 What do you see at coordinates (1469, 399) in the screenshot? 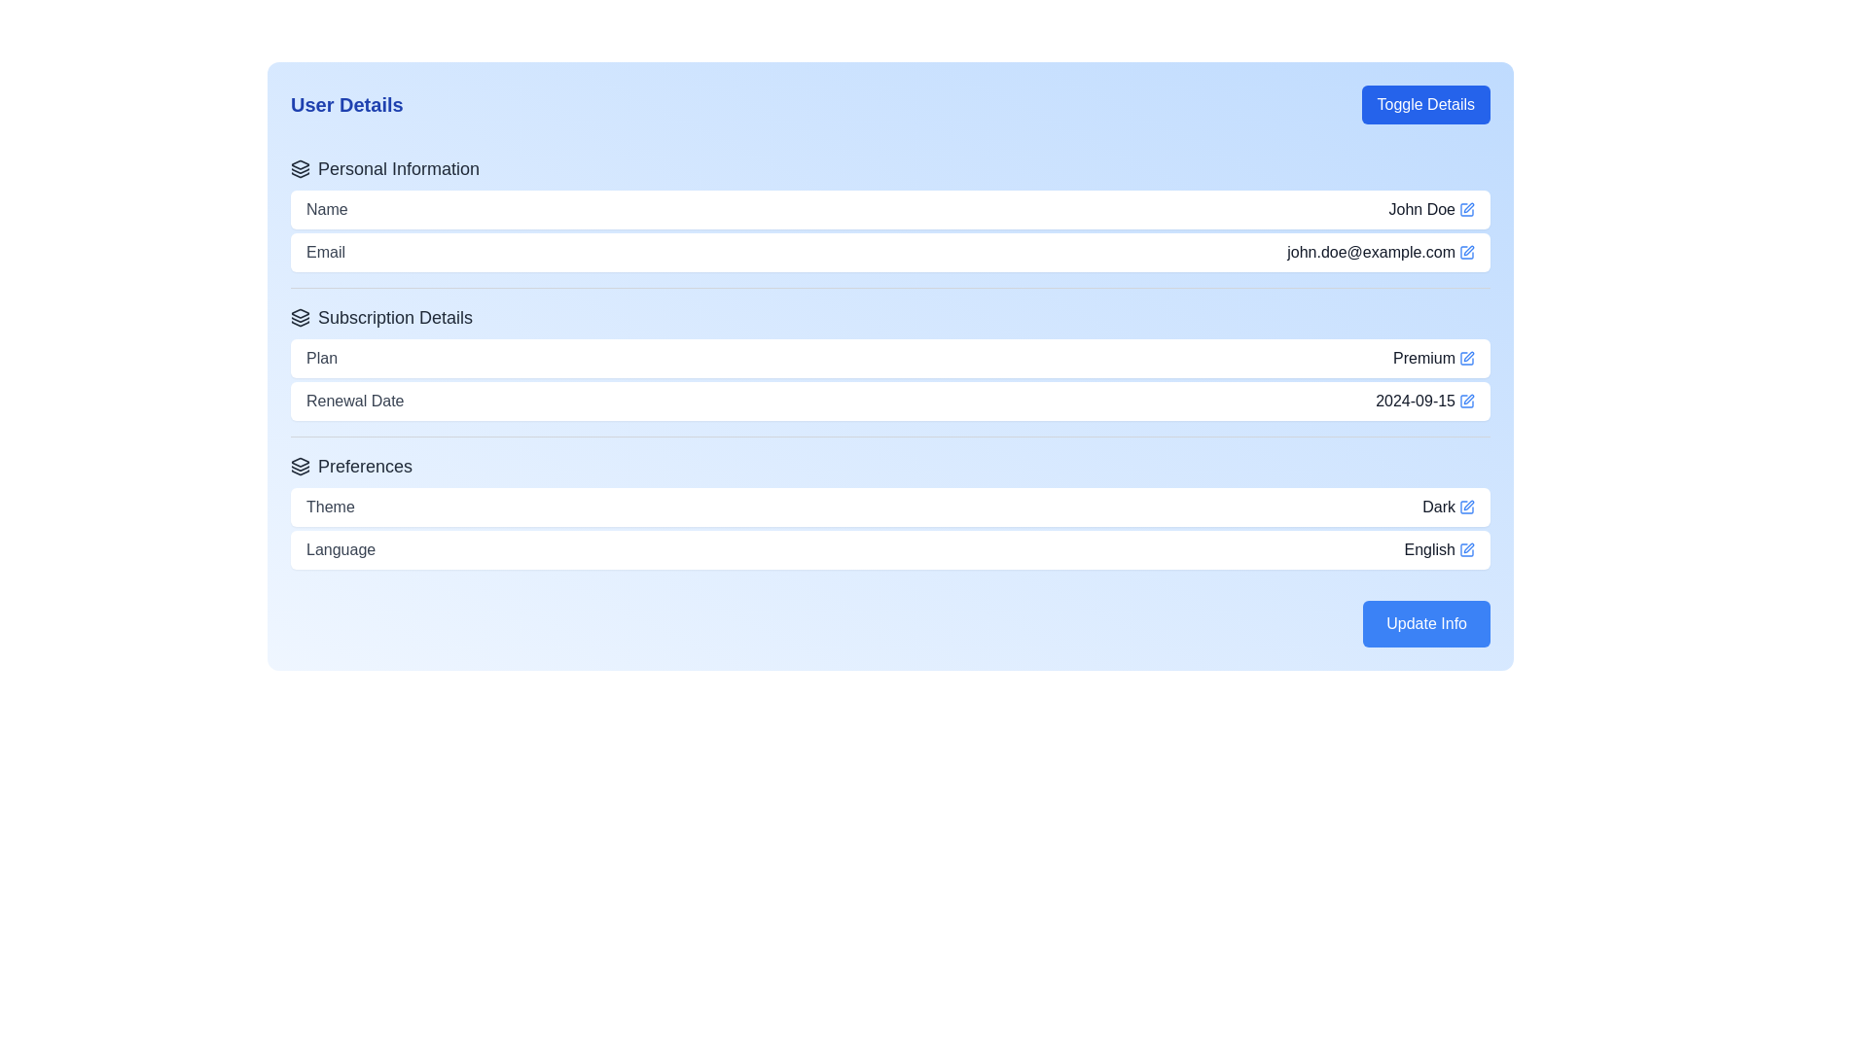
I see `the edit icon adjacent to the 'Renewal Date' field to initiate edit mode for the associated field` at bounding box center [1469, 399].